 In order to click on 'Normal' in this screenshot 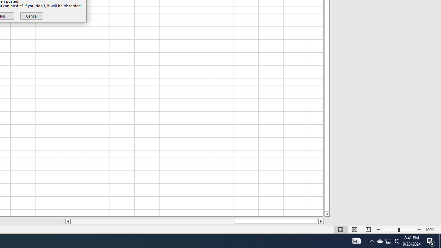, I will do `click(340, 230)`.